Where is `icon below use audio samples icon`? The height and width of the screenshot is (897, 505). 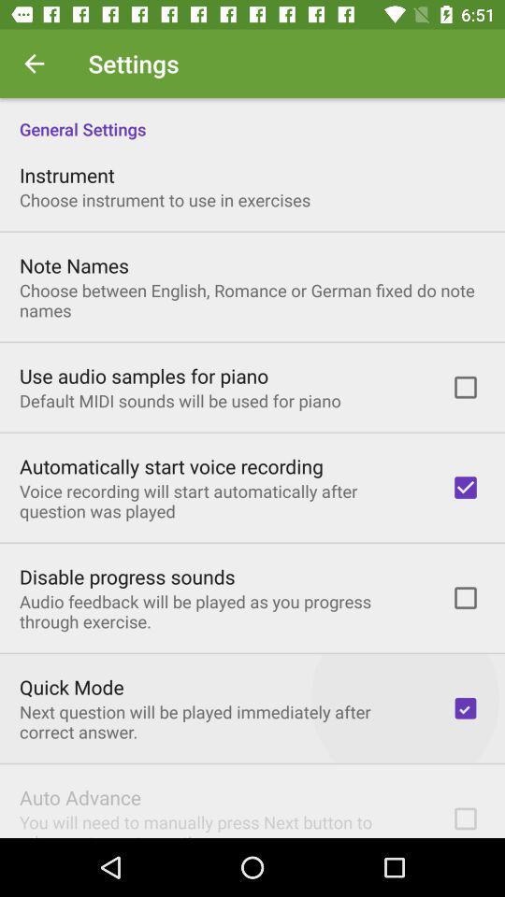 icon below use audio samples icon is located at coordinates (180, 401).